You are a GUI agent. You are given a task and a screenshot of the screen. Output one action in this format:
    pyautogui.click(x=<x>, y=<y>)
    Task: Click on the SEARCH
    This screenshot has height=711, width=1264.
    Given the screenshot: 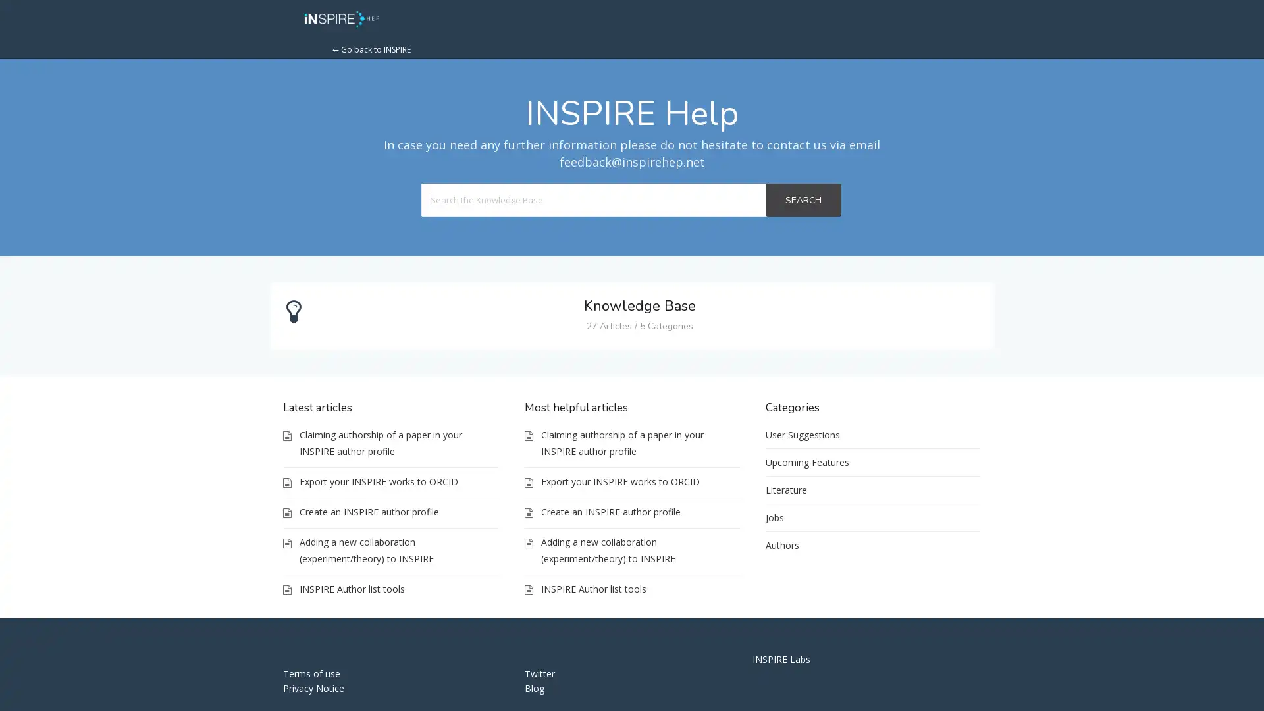 What is the action you would take?
    pyautogui.click(x=802, y=200)
    